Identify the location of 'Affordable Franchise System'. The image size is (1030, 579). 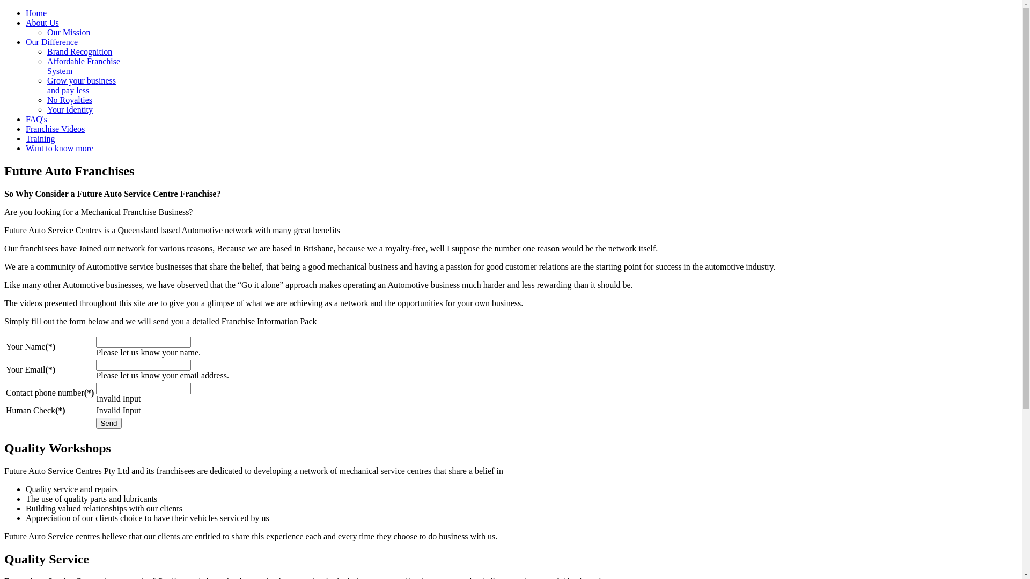
(83, 66).